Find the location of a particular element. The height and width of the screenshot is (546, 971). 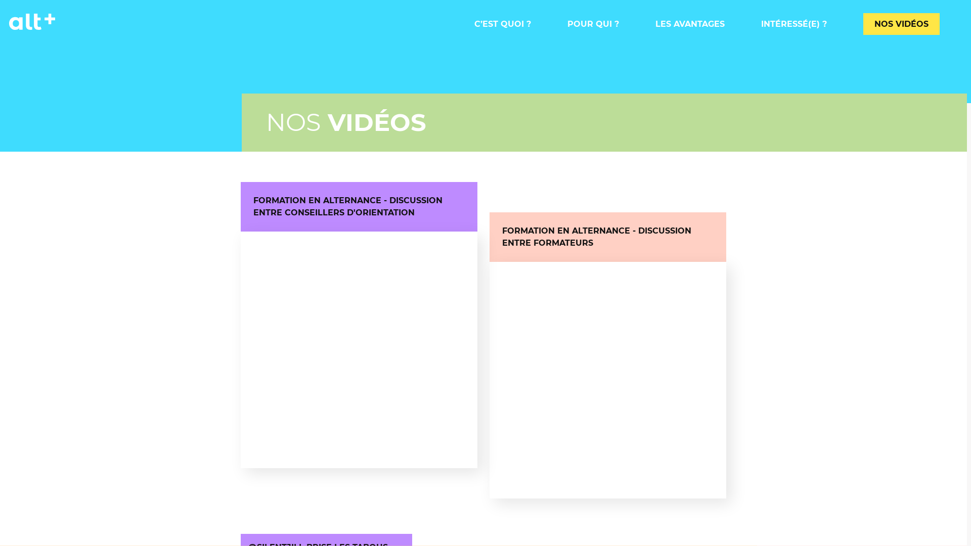

'POUR QUI ?' is located at coordinates (593, 23).